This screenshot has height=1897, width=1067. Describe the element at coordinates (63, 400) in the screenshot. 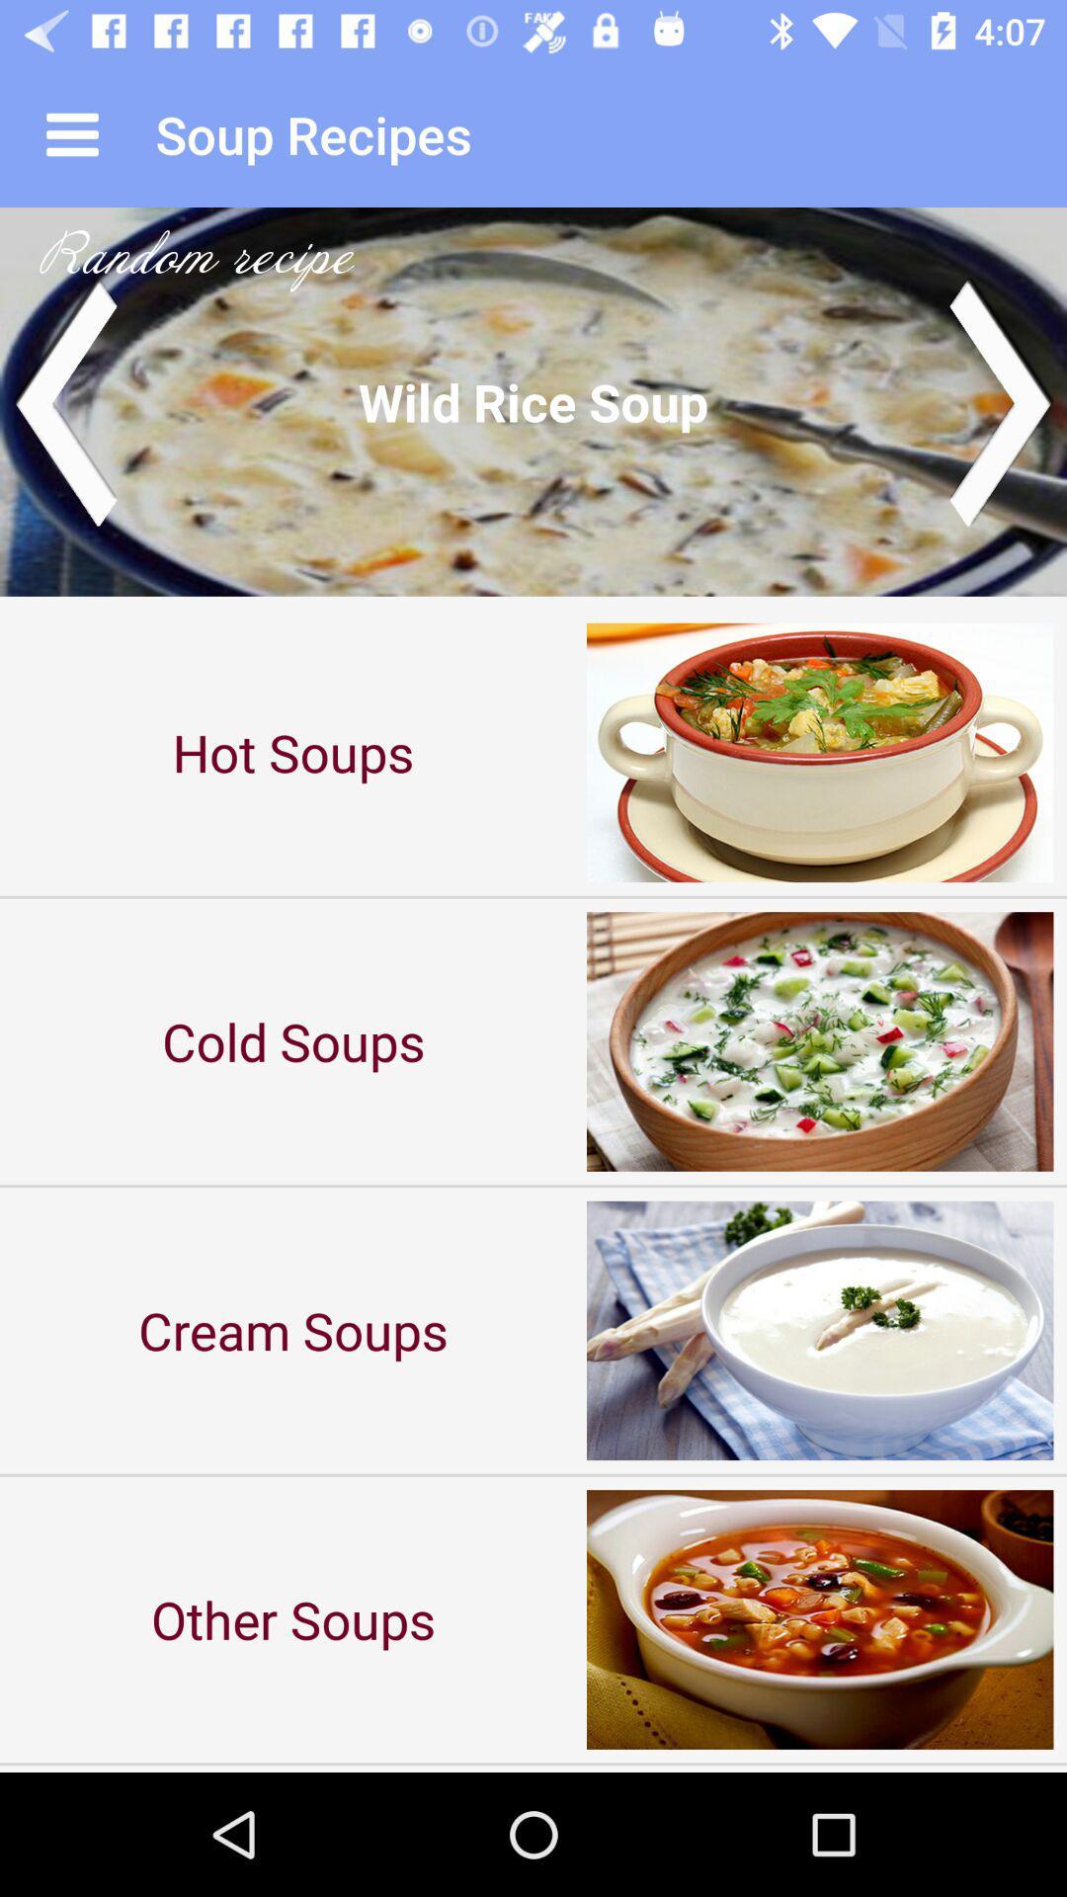

I see `previous image` at that location.